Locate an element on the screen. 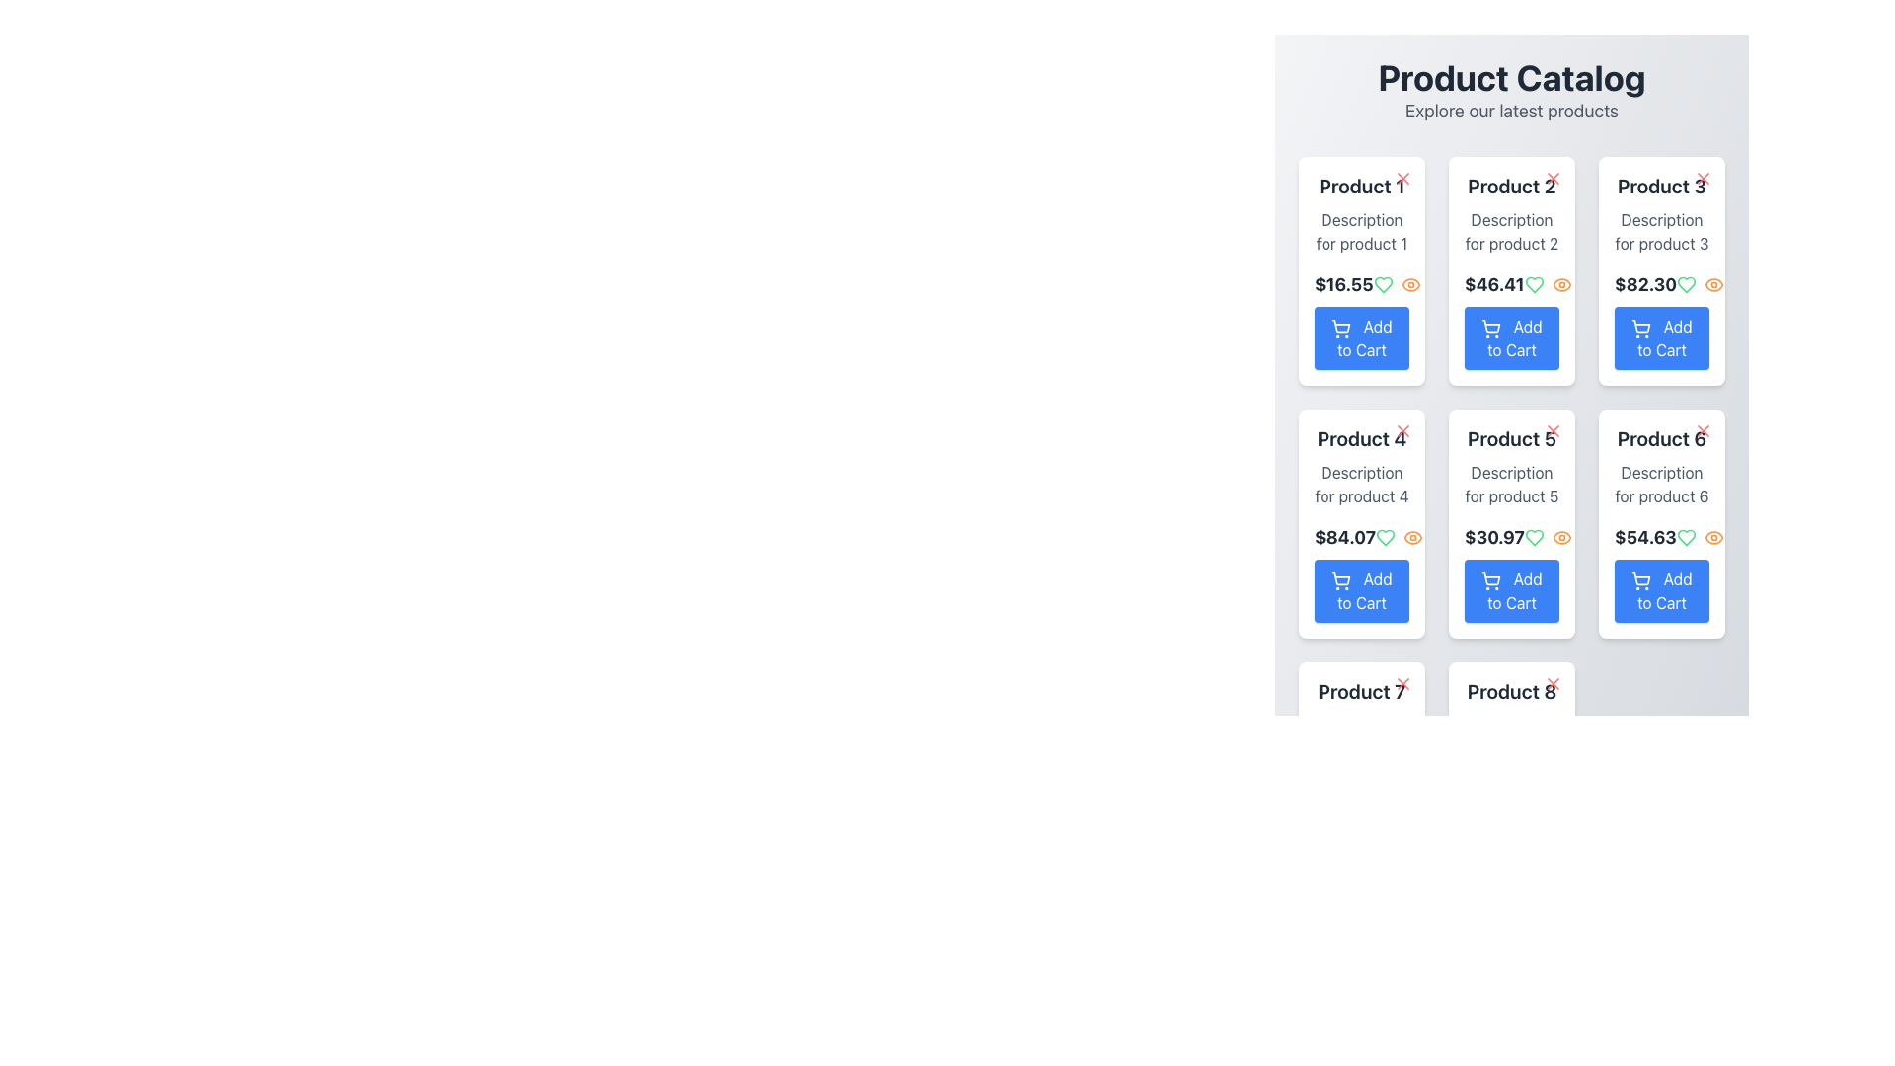 This screenshot has width=1895, height=1066. the close/delete icon represented by a diagonal cross in the top-right corner of the card for 'Product 6' to potentially reveal additional context or tooltips is located at coordinates (1402, 429).